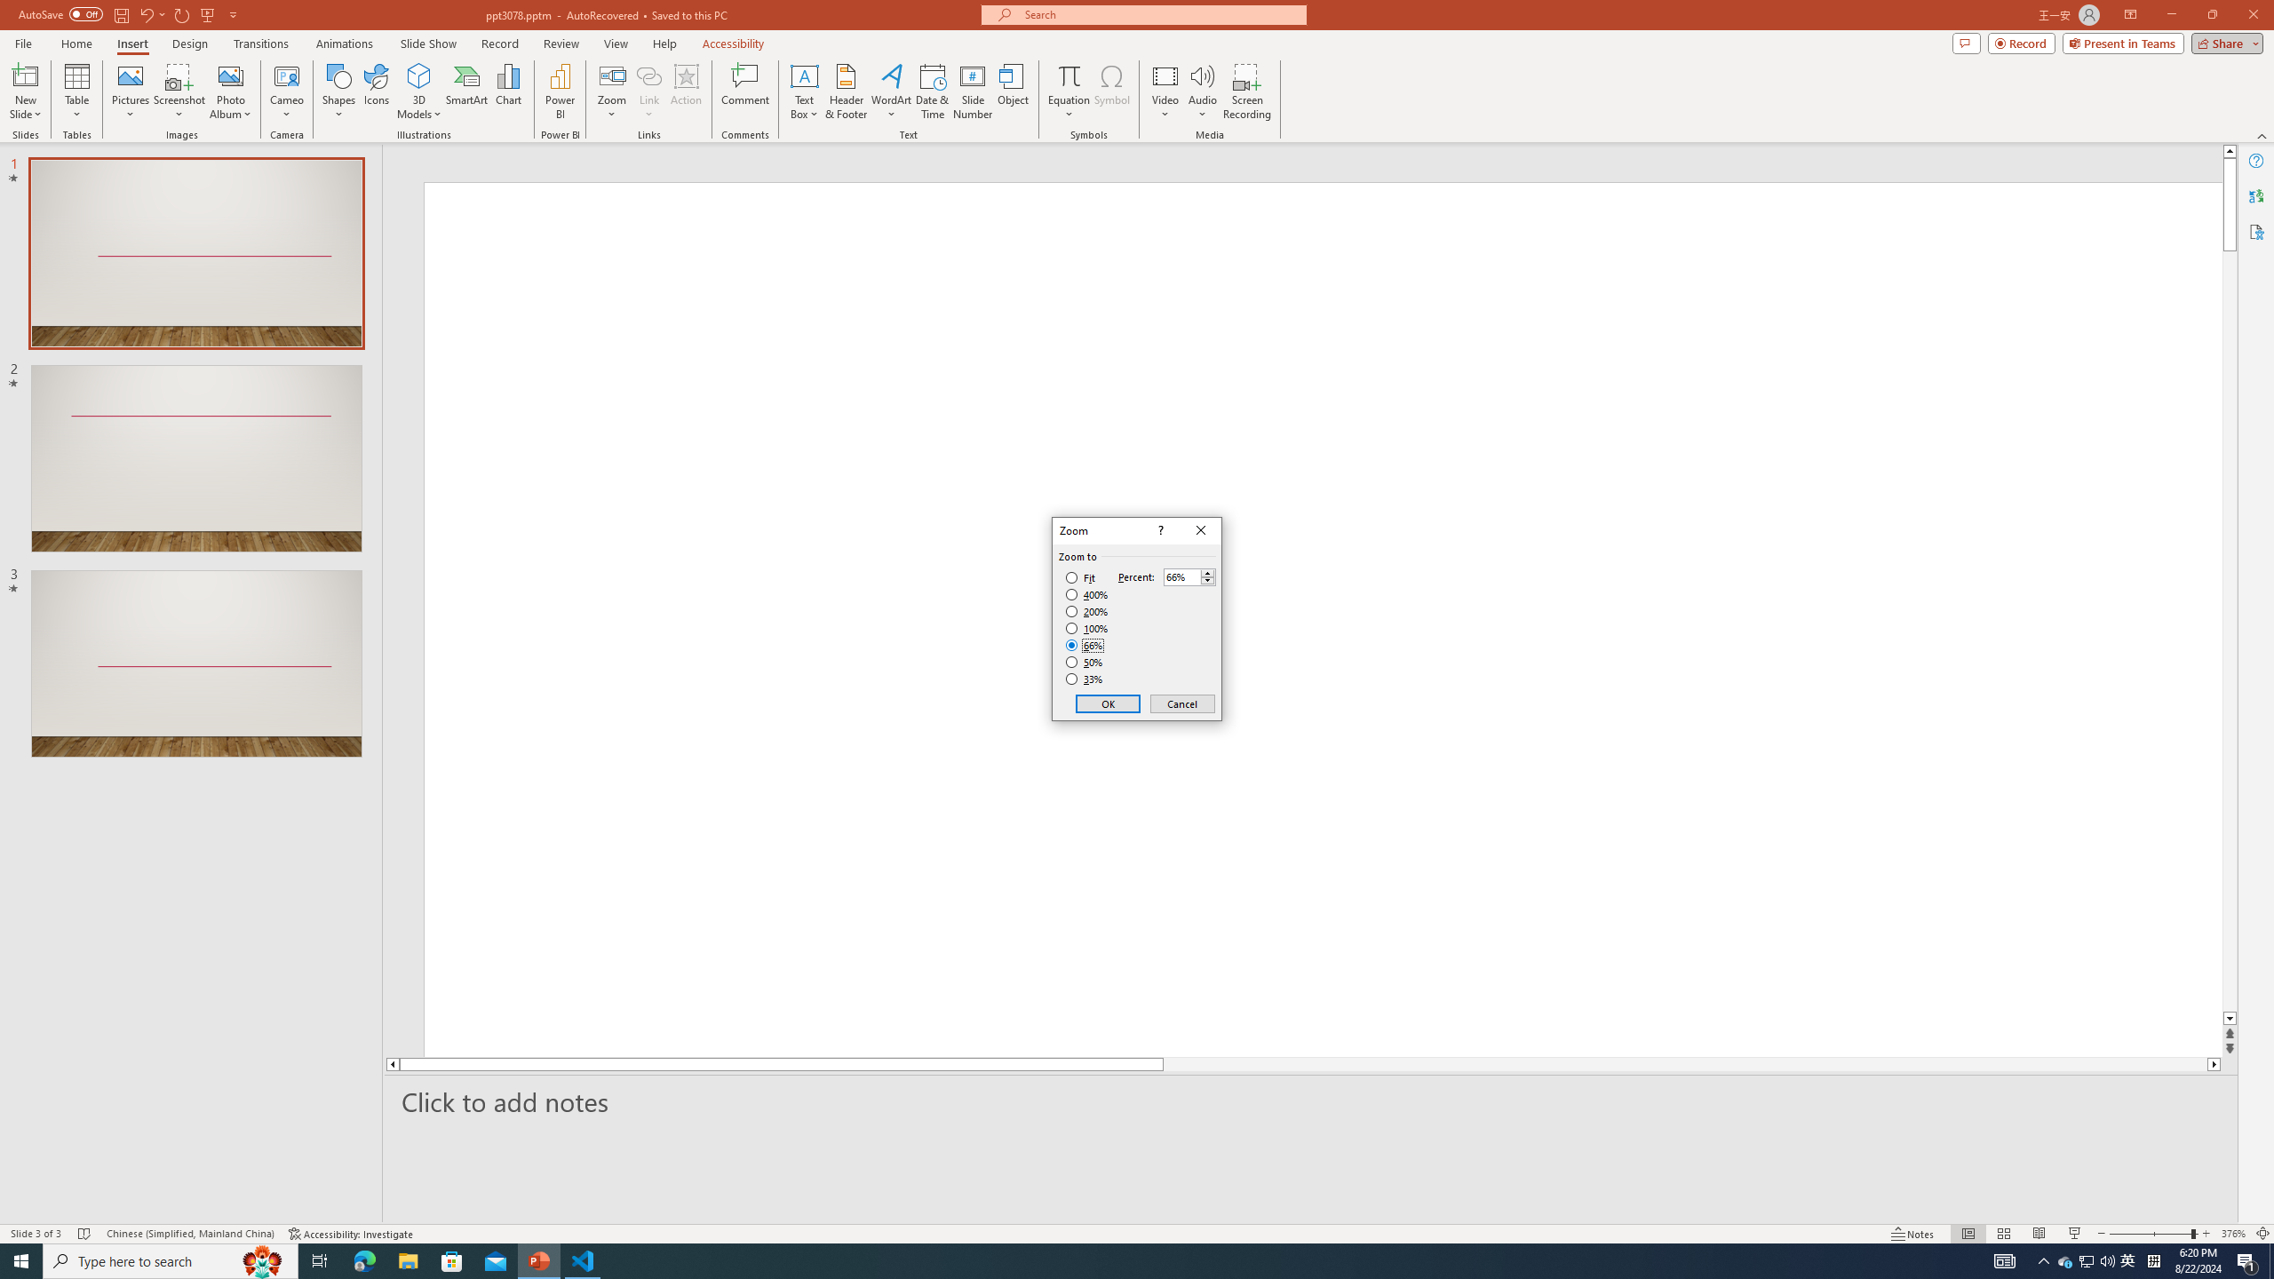 Image resolution: width=2274 pixels, height=1279 pixels. What do you see at coordinates (1158, 530) in the screenshot?
I see `'Context help'` at bounding box center [1158, 530].